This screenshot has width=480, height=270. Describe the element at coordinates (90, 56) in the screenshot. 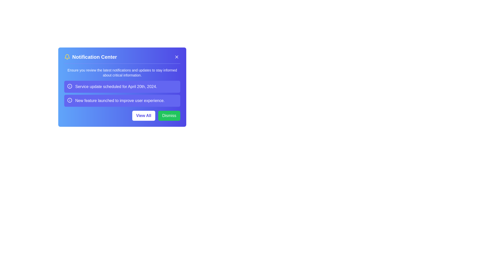

I see `the 'Notification Center' text label with a yellow bell icon, which is located at the top-left part of the notification modal` at that location.